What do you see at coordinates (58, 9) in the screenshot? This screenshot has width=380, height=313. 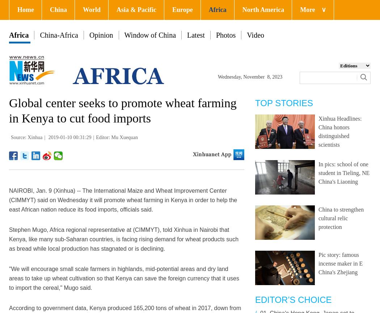 I see `'China'` at bounding box center [58, 9].